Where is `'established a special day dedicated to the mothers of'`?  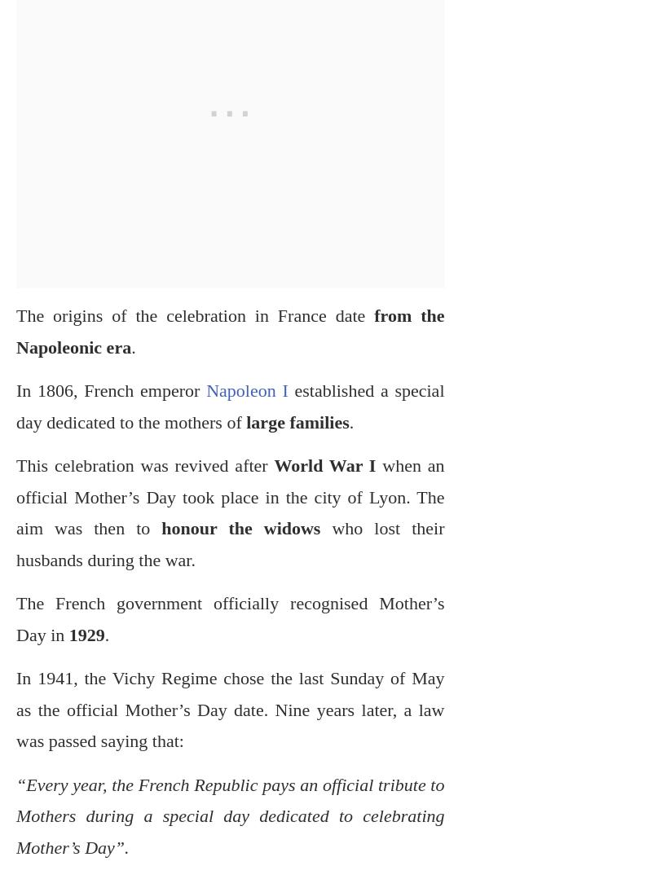
'established a special day dedicated to the mothers of' is located at coordinates (230, 406).